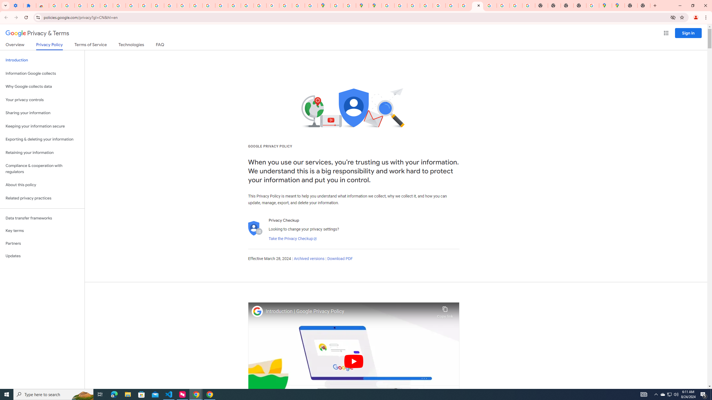 The height and width of the screenshot is (400, 712). What do you see at coordinates (593, 5) in the screenshot?
I see `'Use Google Maps in Space - Google Maps Help'` at bounding box center [593, 5].